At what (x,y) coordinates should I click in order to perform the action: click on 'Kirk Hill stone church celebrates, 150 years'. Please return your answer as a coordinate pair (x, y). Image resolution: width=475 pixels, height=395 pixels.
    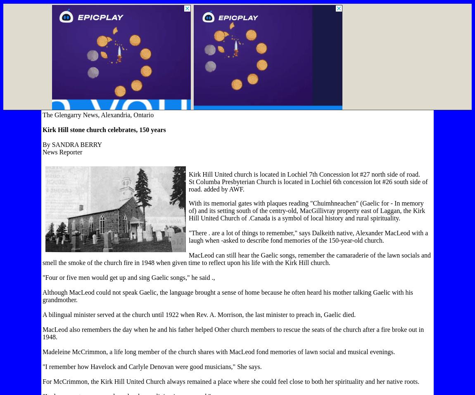
    Looking at the image, I should click on (103, 130).